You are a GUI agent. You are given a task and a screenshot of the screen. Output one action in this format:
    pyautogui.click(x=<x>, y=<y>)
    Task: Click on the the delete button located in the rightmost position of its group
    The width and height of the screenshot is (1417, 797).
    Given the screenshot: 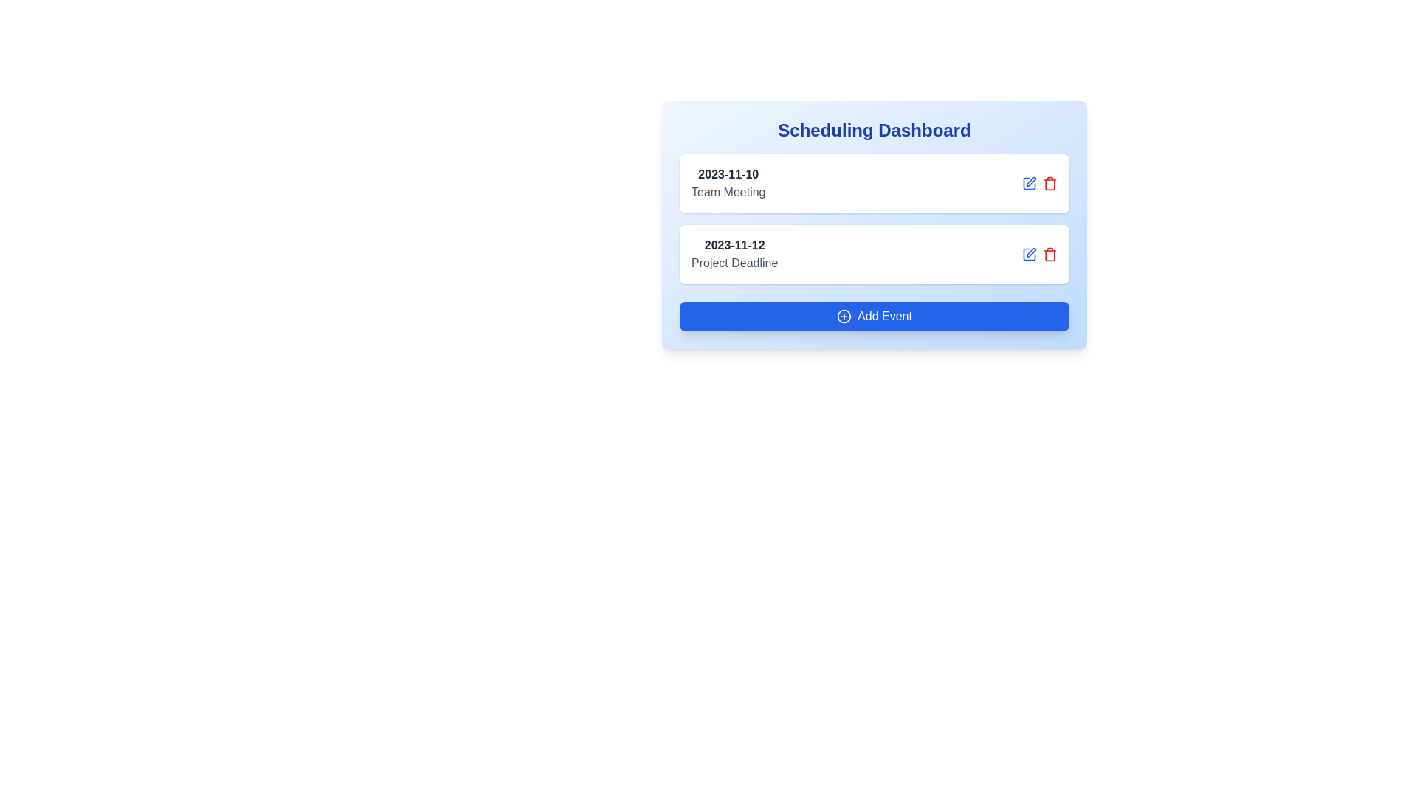 What is the action you would take?
    pyautogui.click(x=1049, y=253)
    